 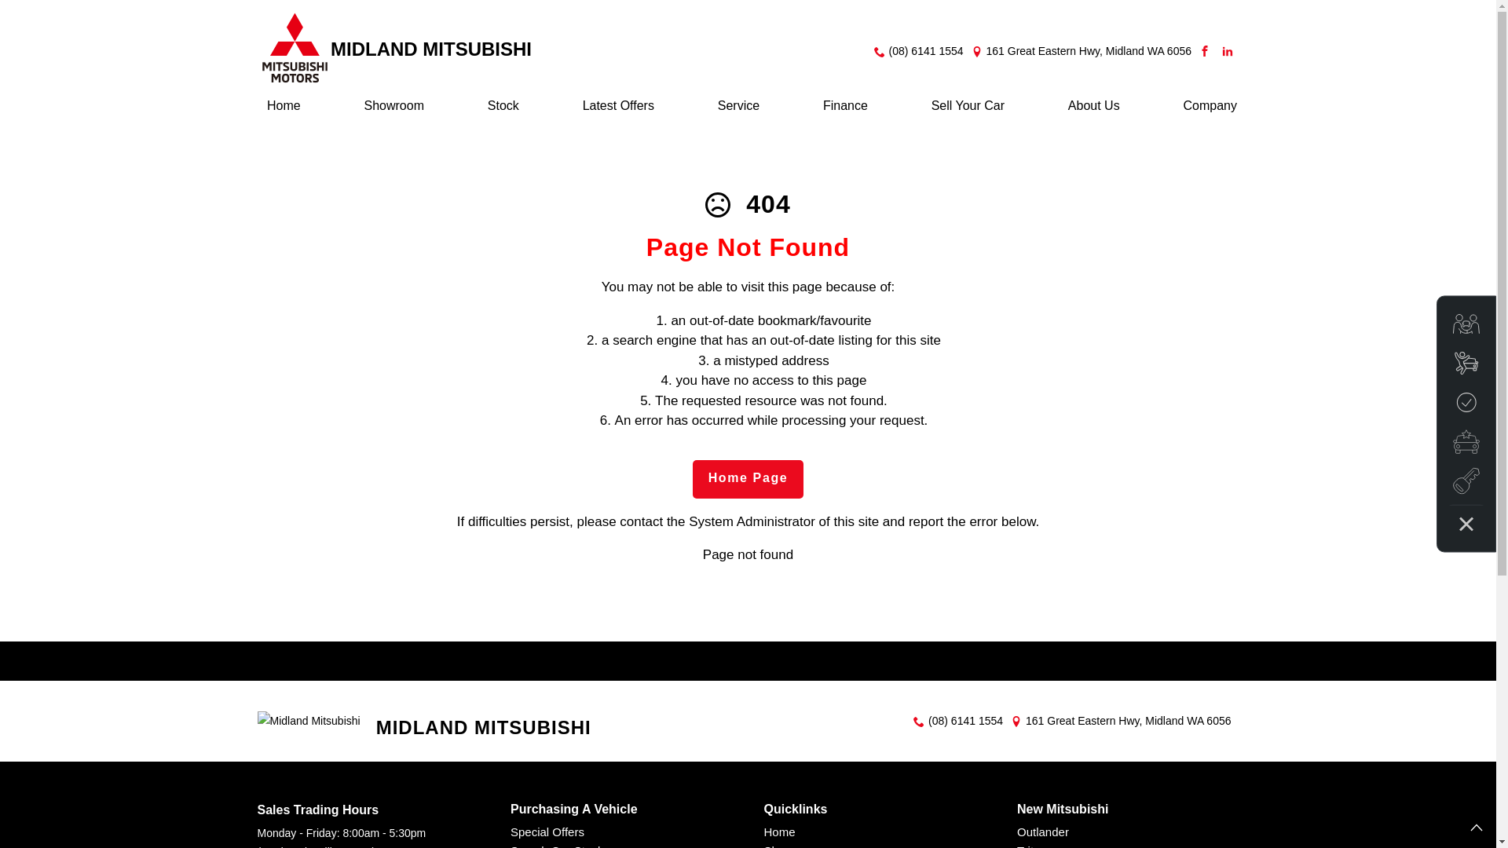 I want to click on 'Finance', so click(x=814, y=111).